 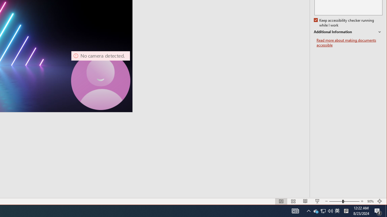 What do you see at coordinates (370, 201) in the screenshot?
I see `'Zoom 90%'` at bounding box center [370, 201].